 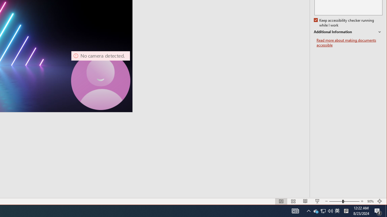 What do you see at coordinates (370, 201) in the screenshot?
I see `'Zoom 90%'` at bounding box center [370, 201].